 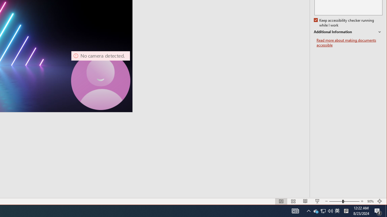 What do you see at coordinates (370, 201) in the screenshot?
I see `'Zoom 90%'` at bounding box center [370, 201].